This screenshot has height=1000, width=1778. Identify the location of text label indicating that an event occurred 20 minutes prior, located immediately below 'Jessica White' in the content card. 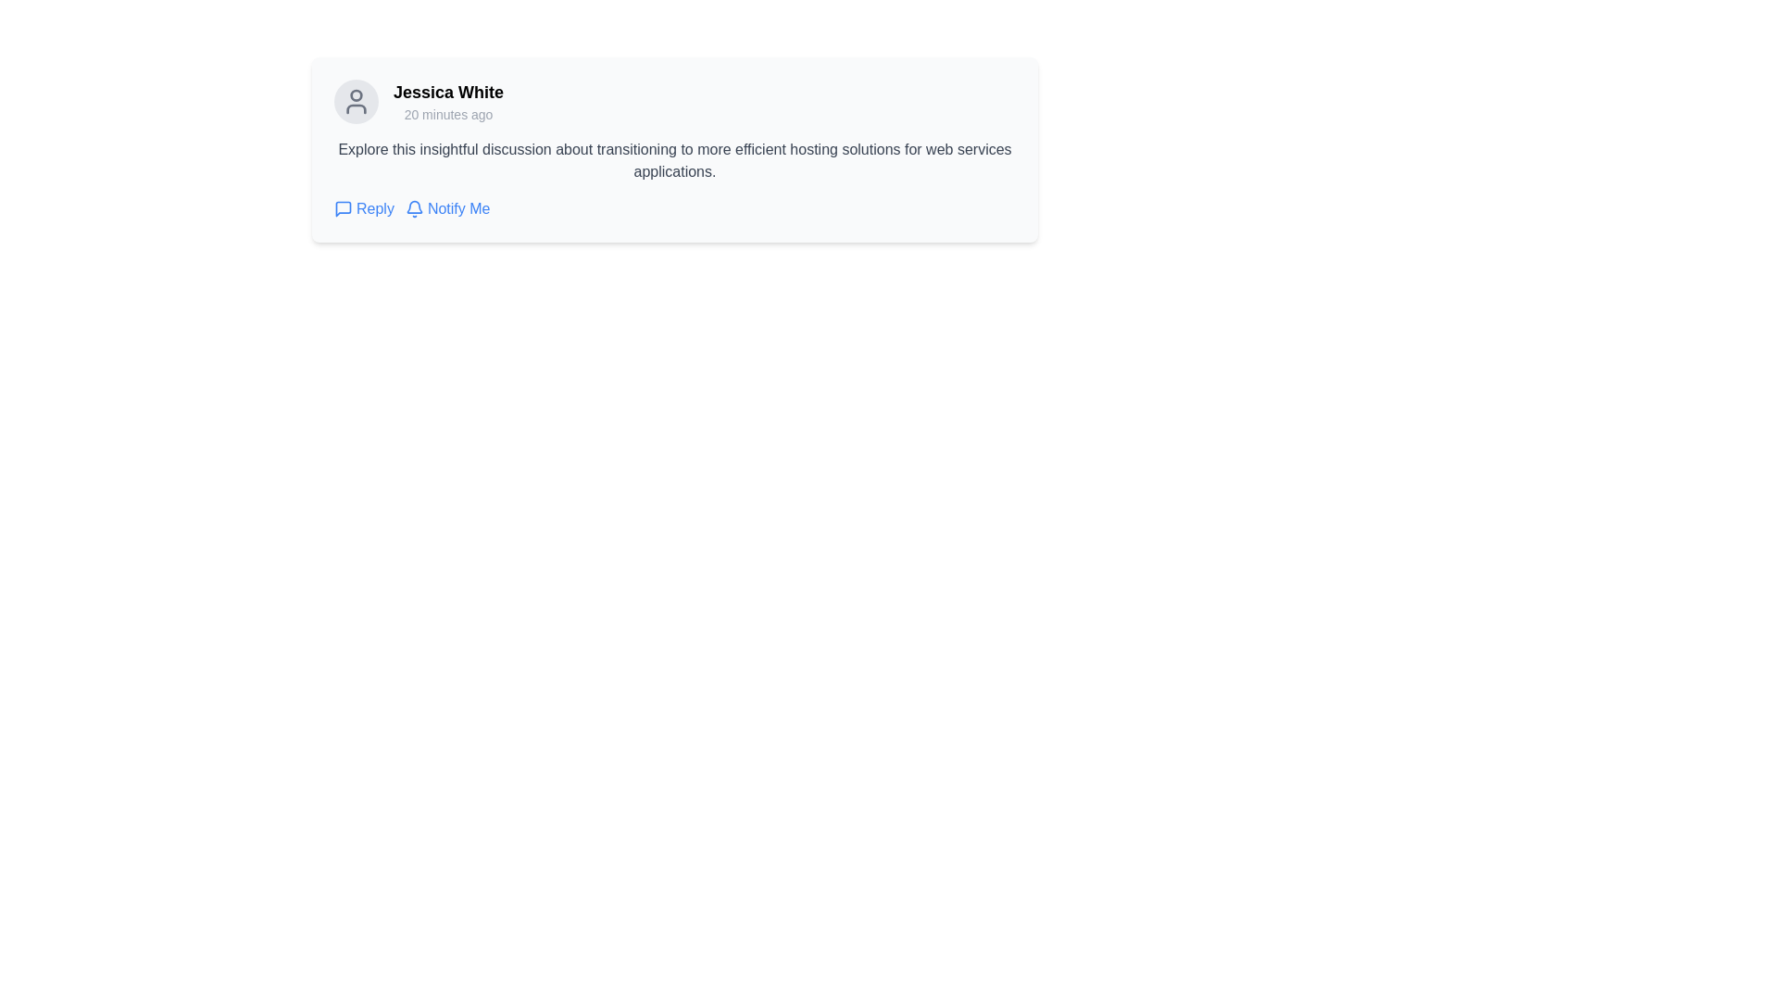
(448, 114).